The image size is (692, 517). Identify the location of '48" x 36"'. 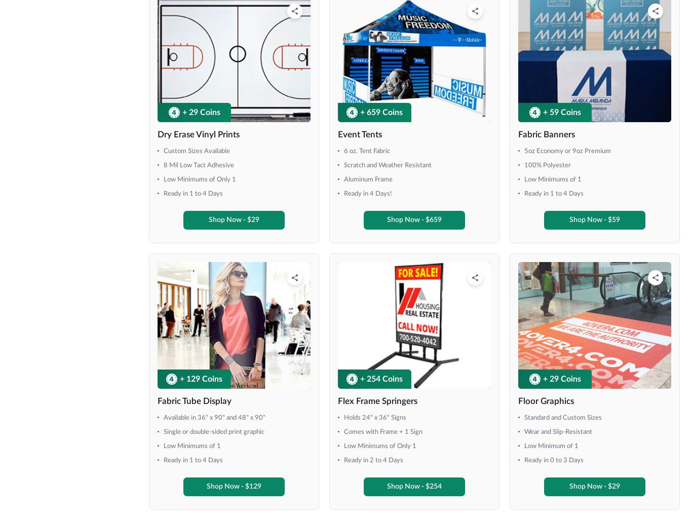
(42, 11).